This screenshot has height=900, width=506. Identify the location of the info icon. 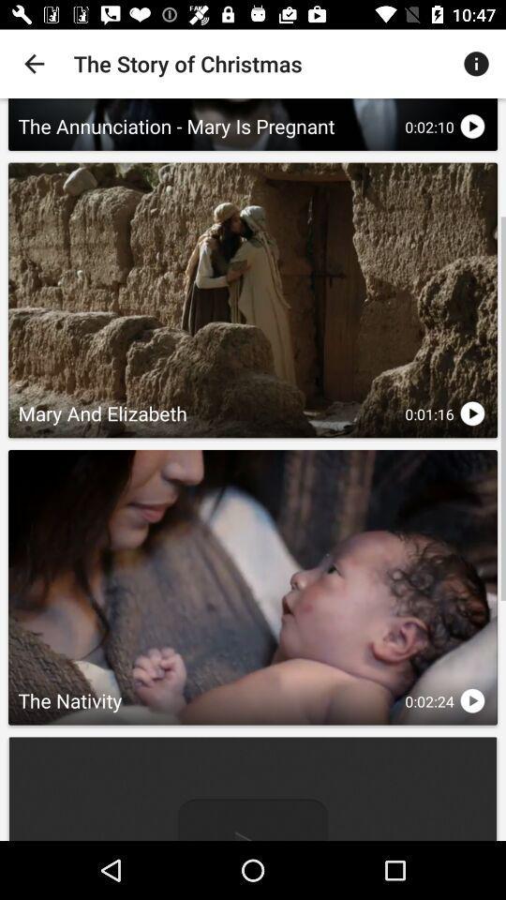
(470, 64).